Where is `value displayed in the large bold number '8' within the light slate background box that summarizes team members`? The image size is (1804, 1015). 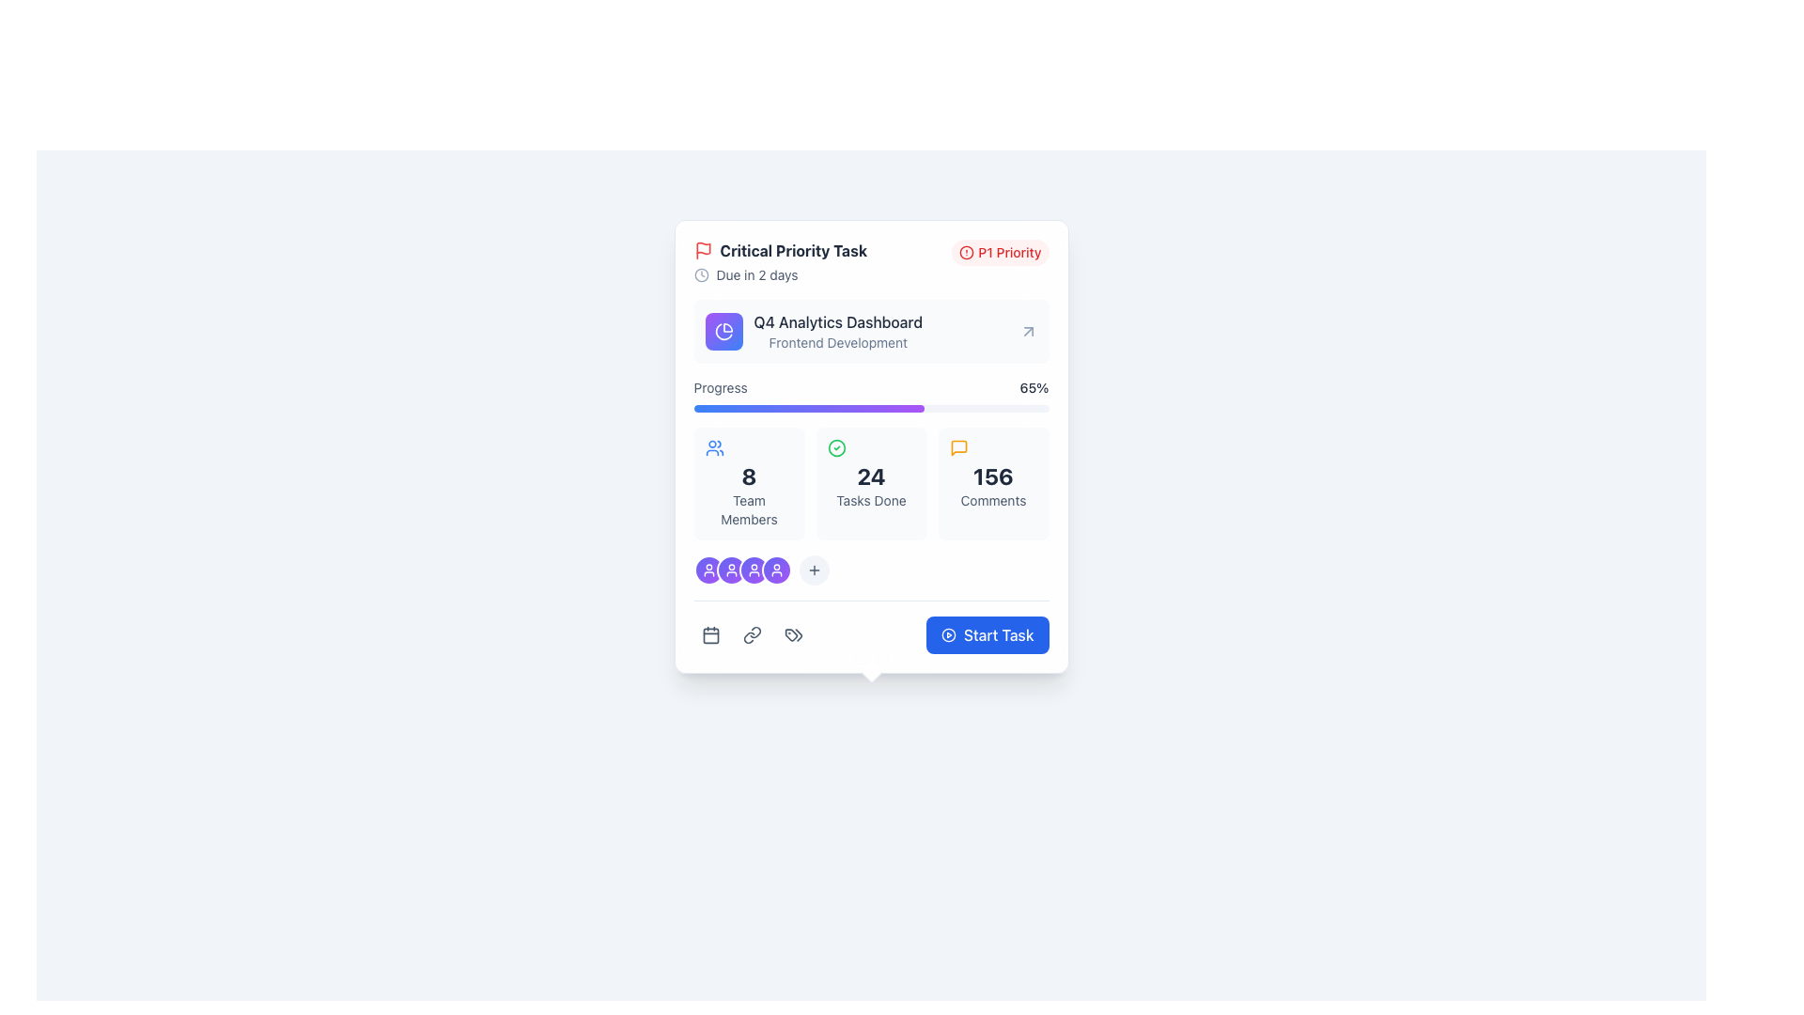 value displayed in the large bold number '8' within the light slate background box that summarizes team members is located at coordinates (748, 475).